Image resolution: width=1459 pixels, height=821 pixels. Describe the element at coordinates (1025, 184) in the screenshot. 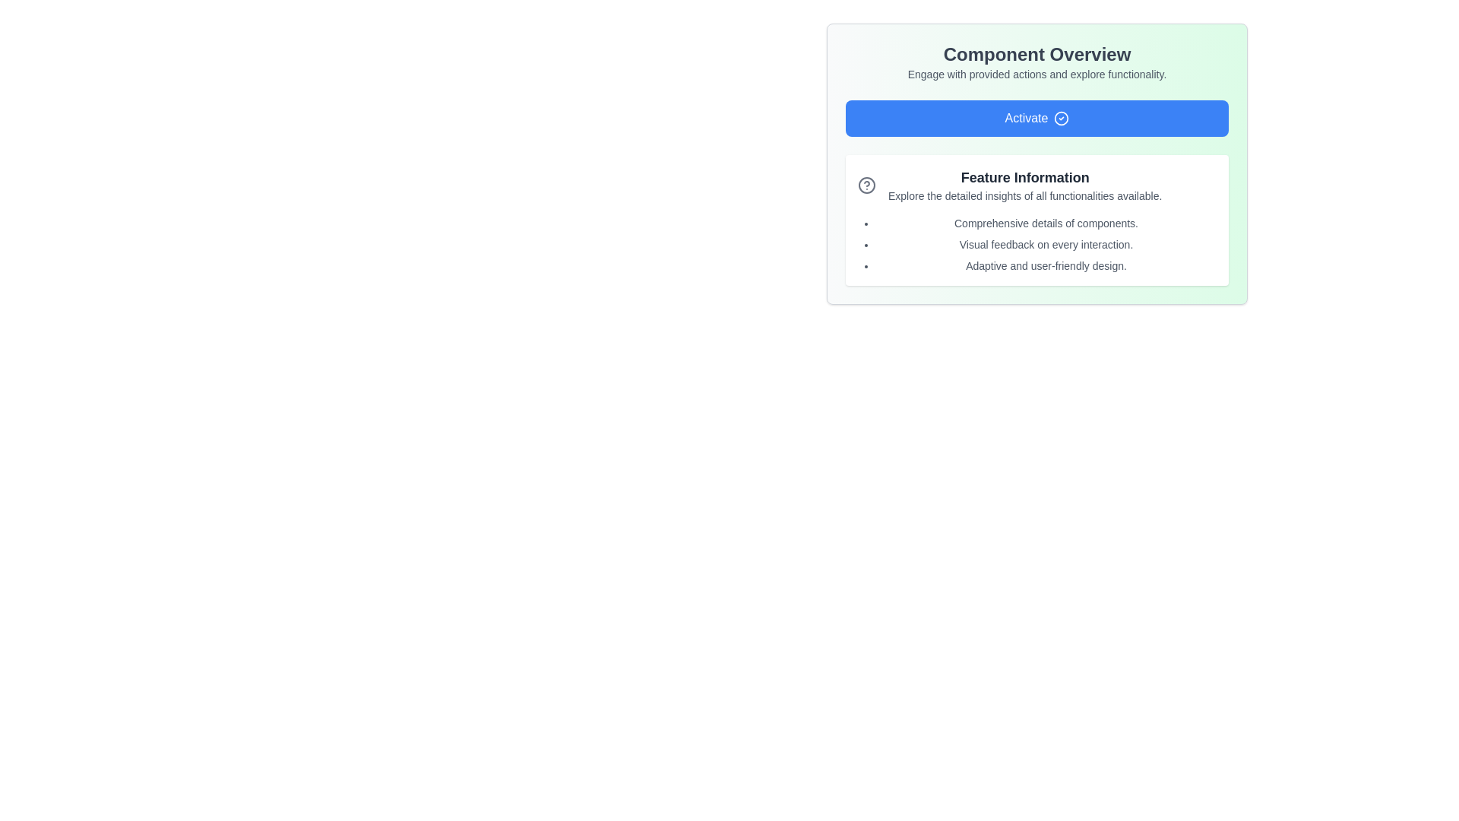

I see `the text block that serves as a header and description for the section within the 'Component Overview' card, positioned below the 'Activate' button and above the bullet points` at that location.